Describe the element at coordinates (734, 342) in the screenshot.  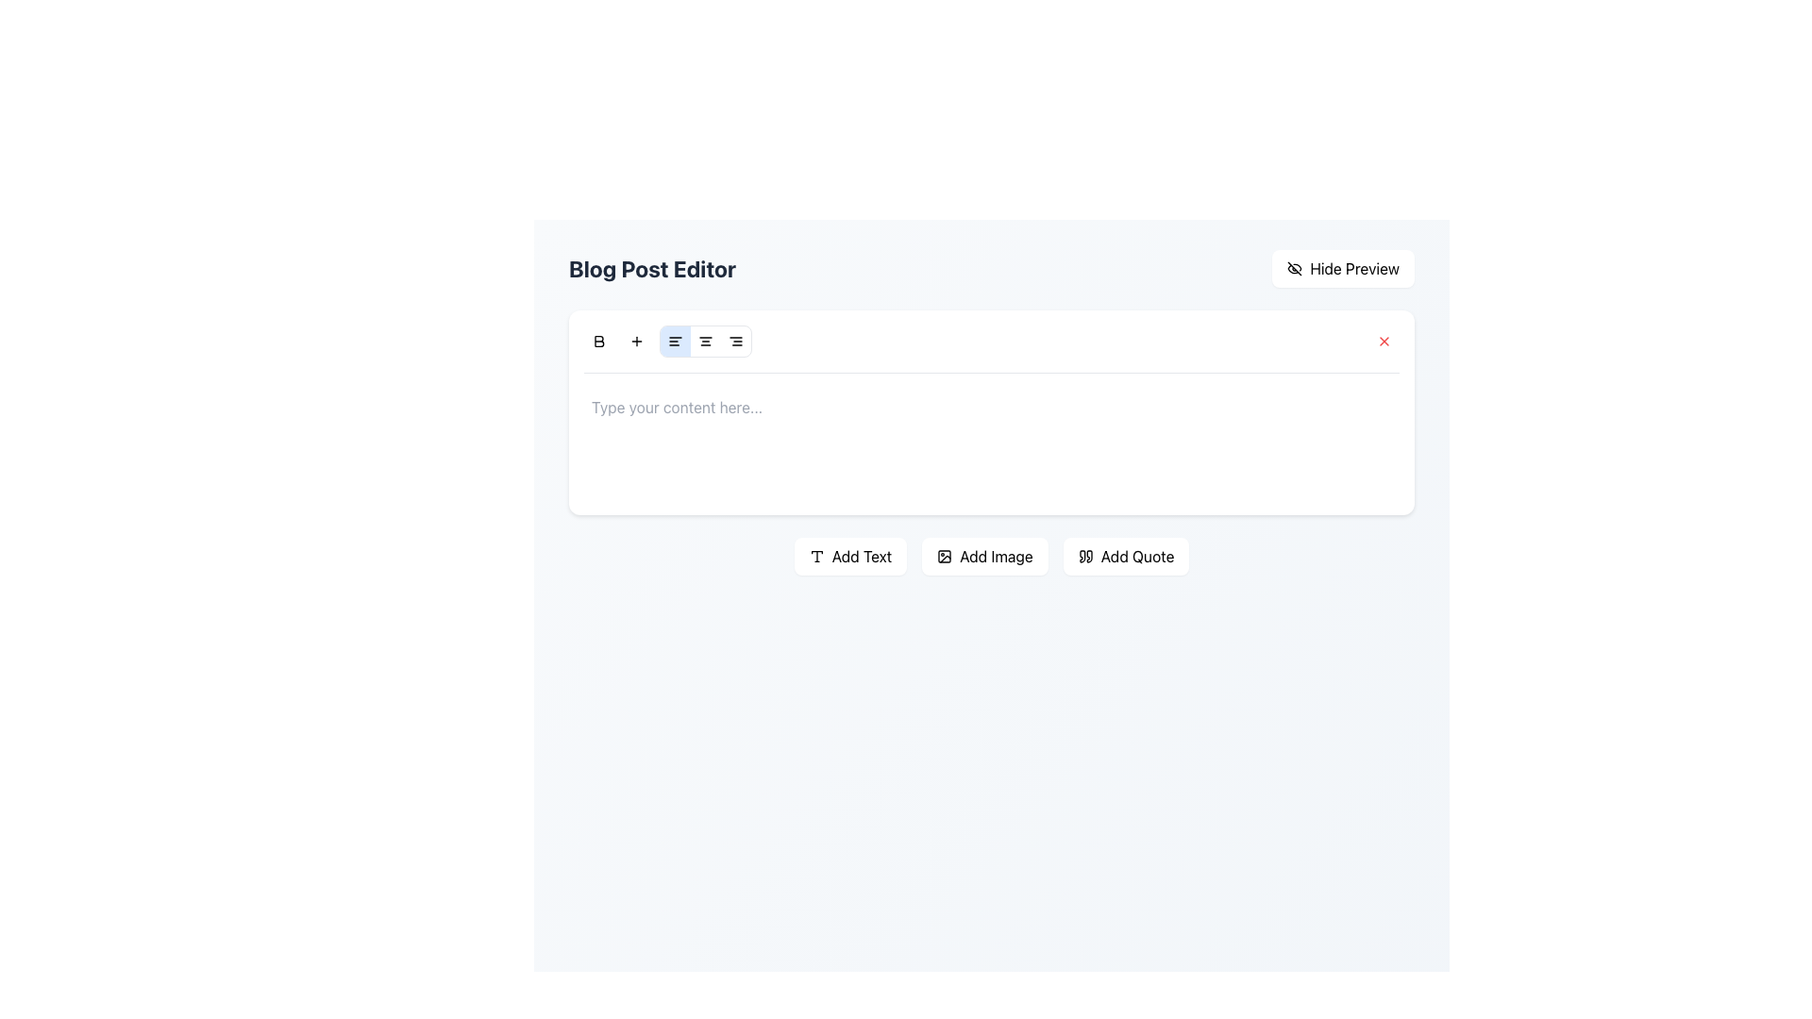
I see `the third button in the horizontal toolbar of four formatting buttons` at that location.